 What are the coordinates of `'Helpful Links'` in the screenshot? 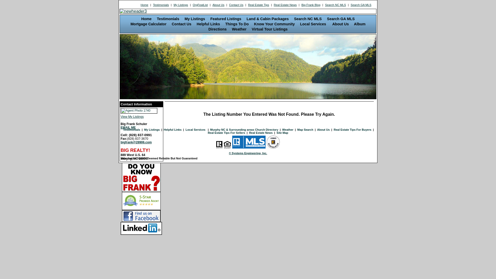 It's located at (208, 24).